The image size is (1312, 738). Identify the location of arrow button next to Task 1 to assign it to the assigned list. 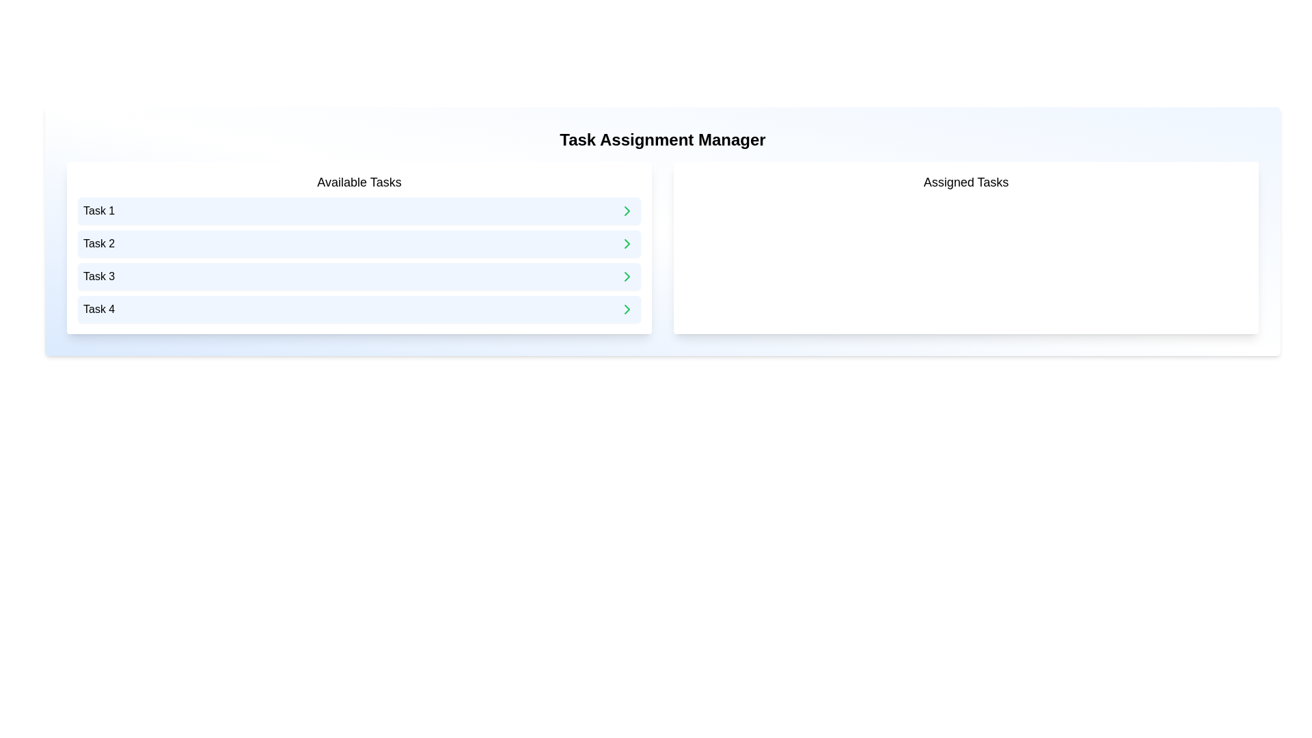
(626, 210).